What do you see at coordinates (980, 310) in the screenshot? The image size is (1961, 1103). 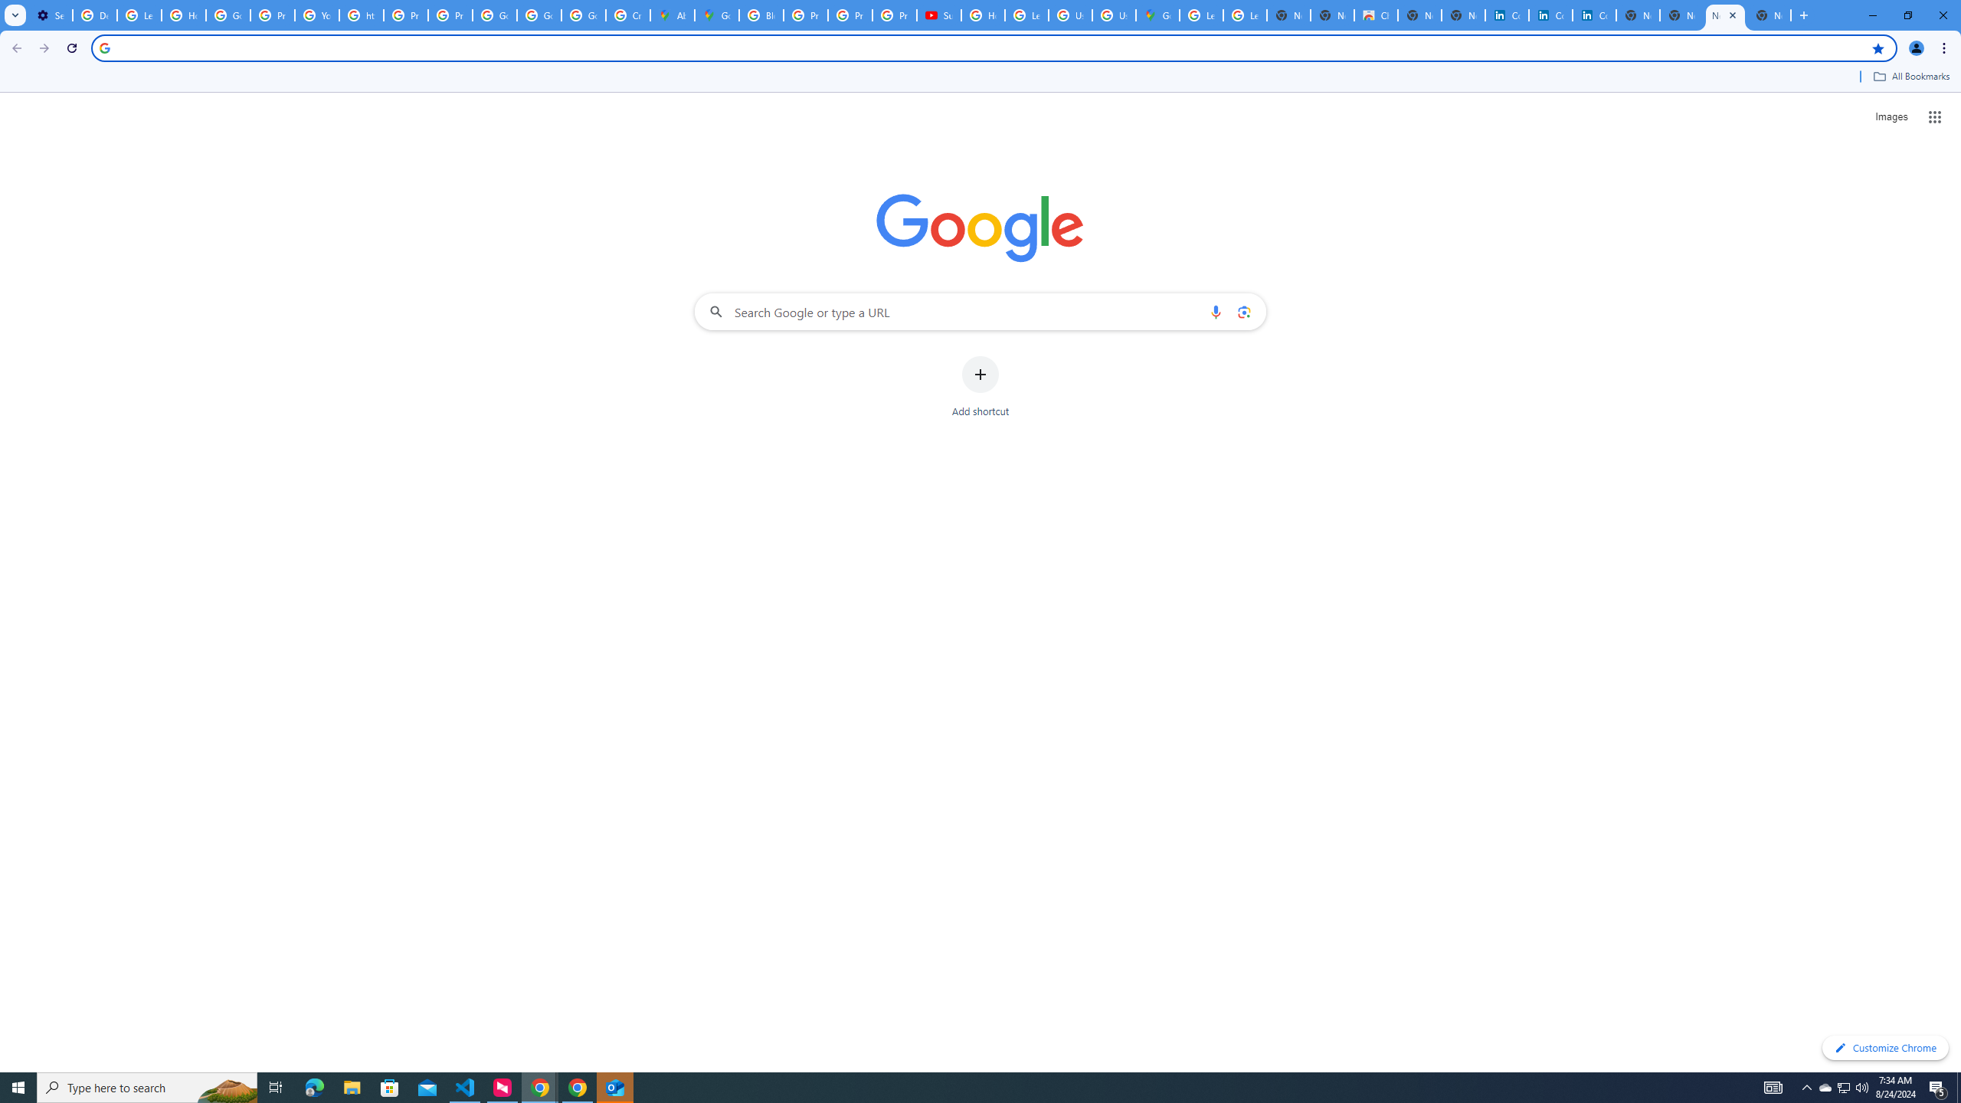 I see `'Search Google or type a URL'` at bounding box center [980, 310].